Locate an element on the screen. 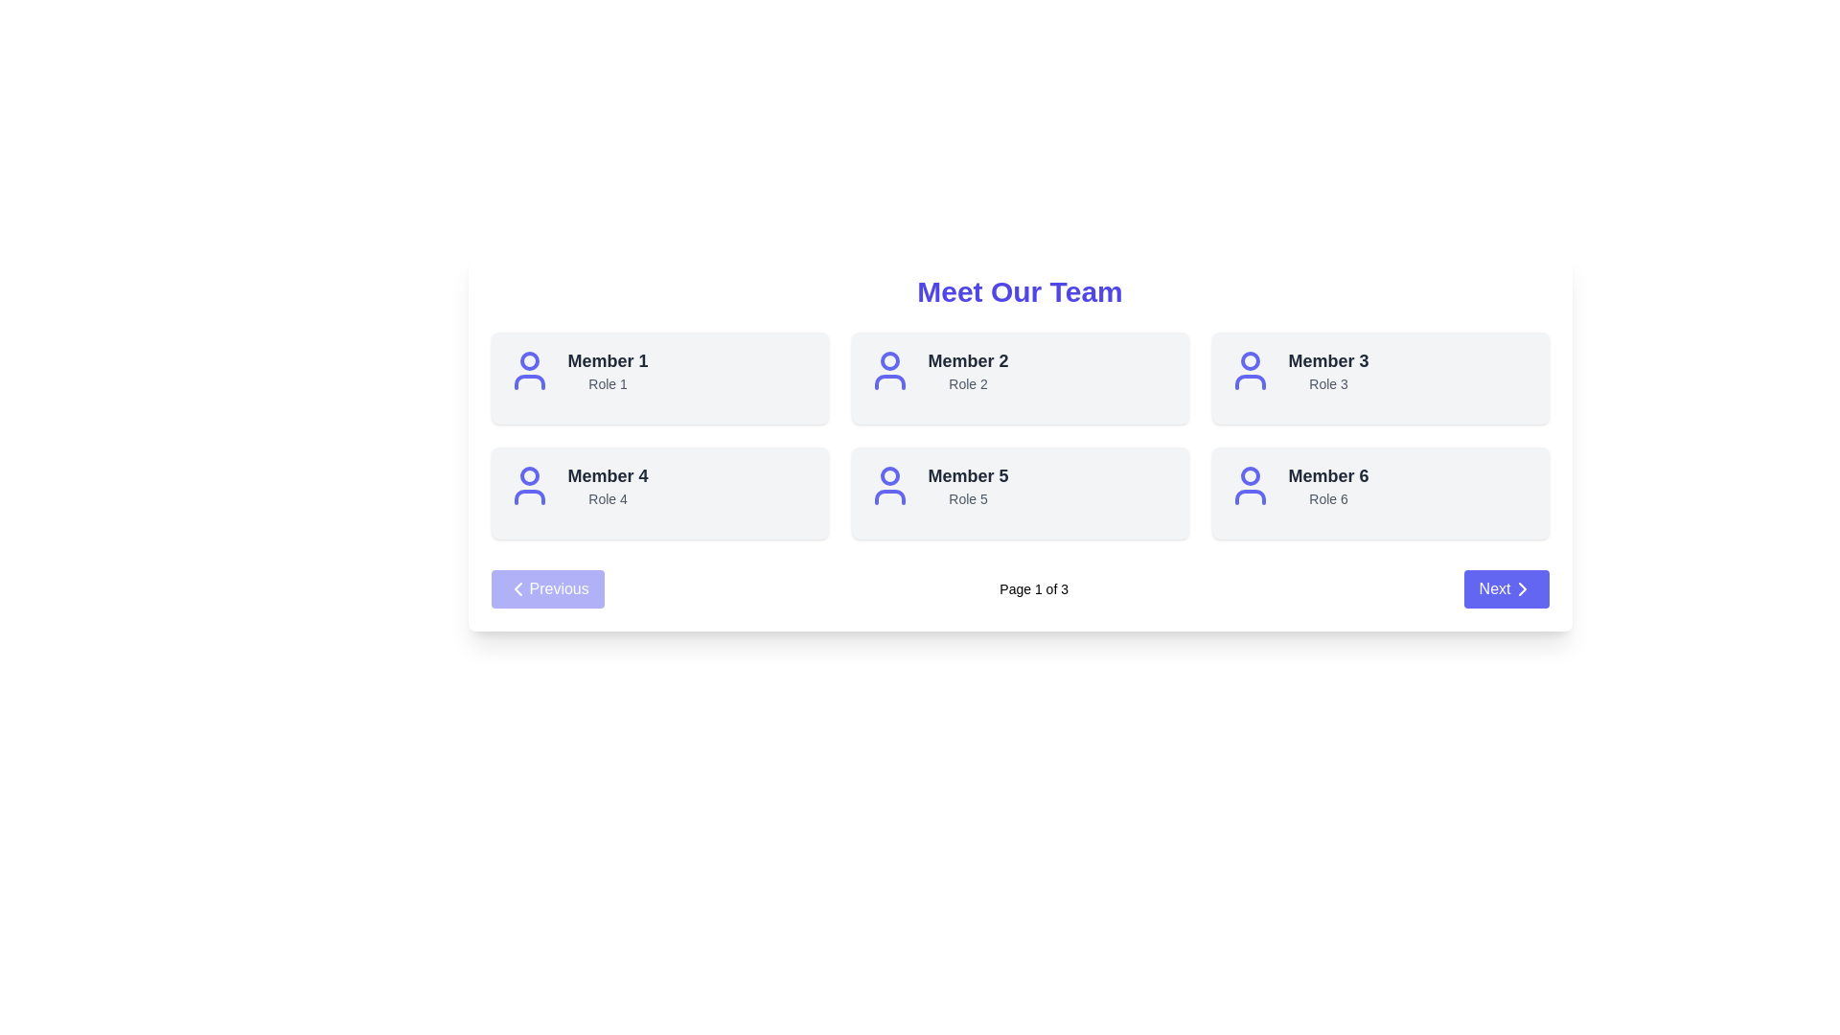  the icon representing 'Member 2' located in the top row's middle column of the second card in the 'Meet Our Team' section is located at coordinates (888, 370).